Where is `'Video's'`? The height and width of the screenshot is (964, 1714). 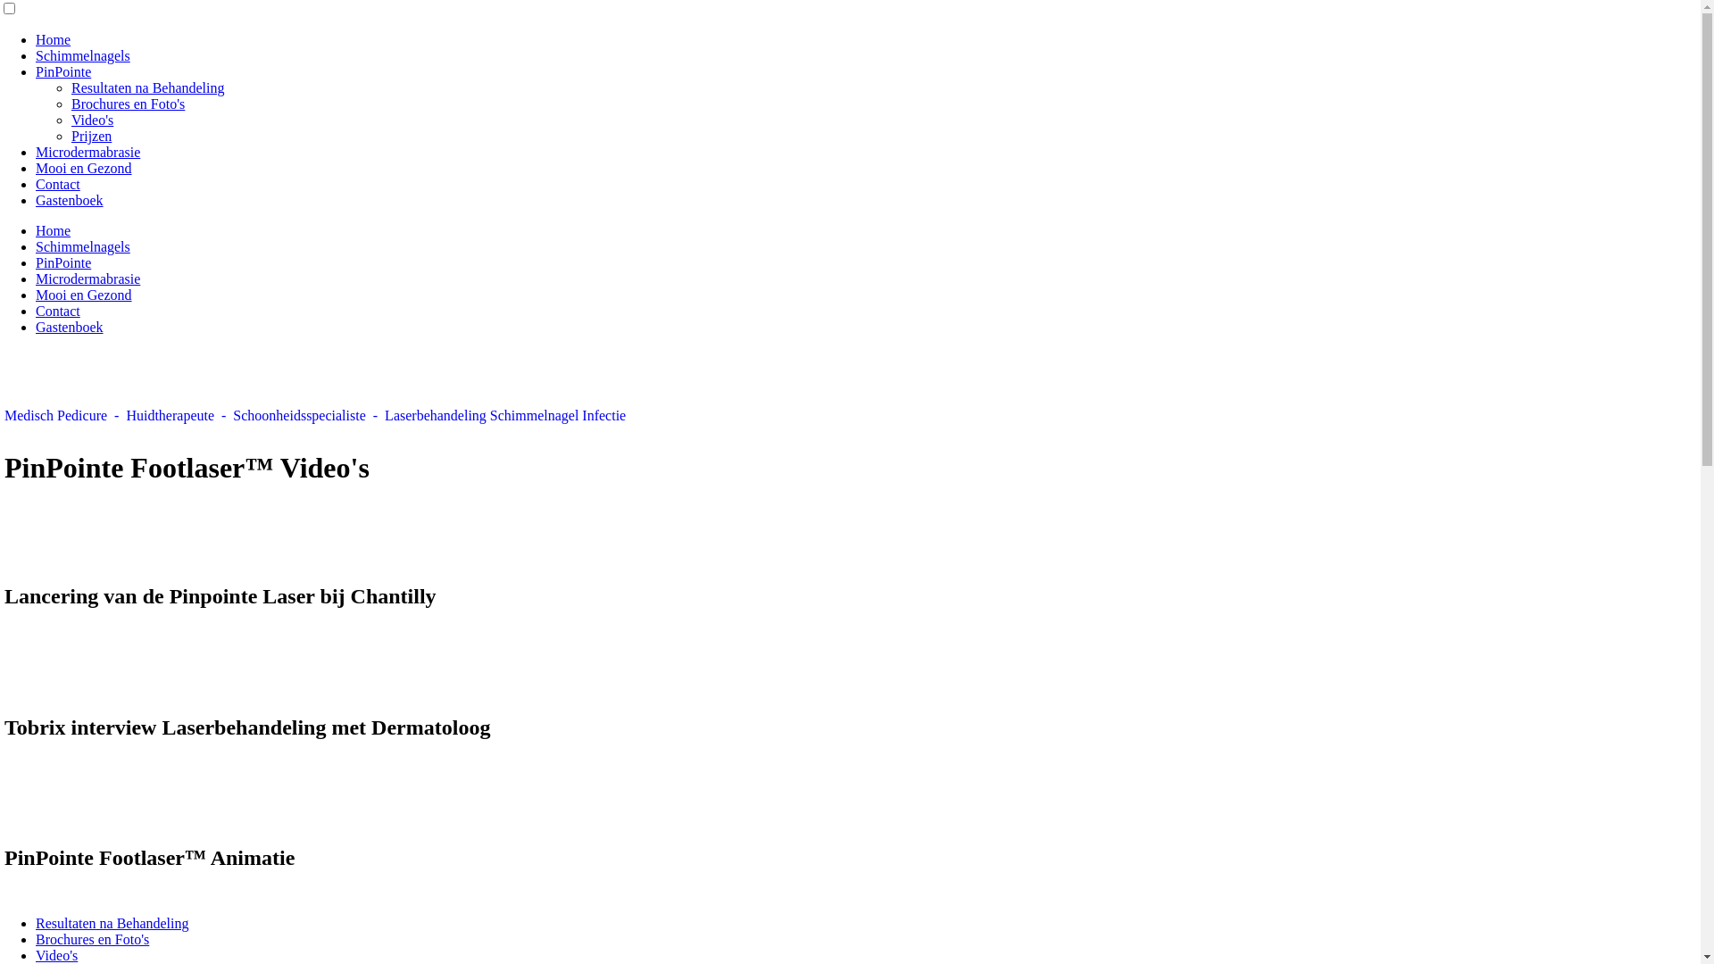
'Video's' is located at coordinates (91, 120).